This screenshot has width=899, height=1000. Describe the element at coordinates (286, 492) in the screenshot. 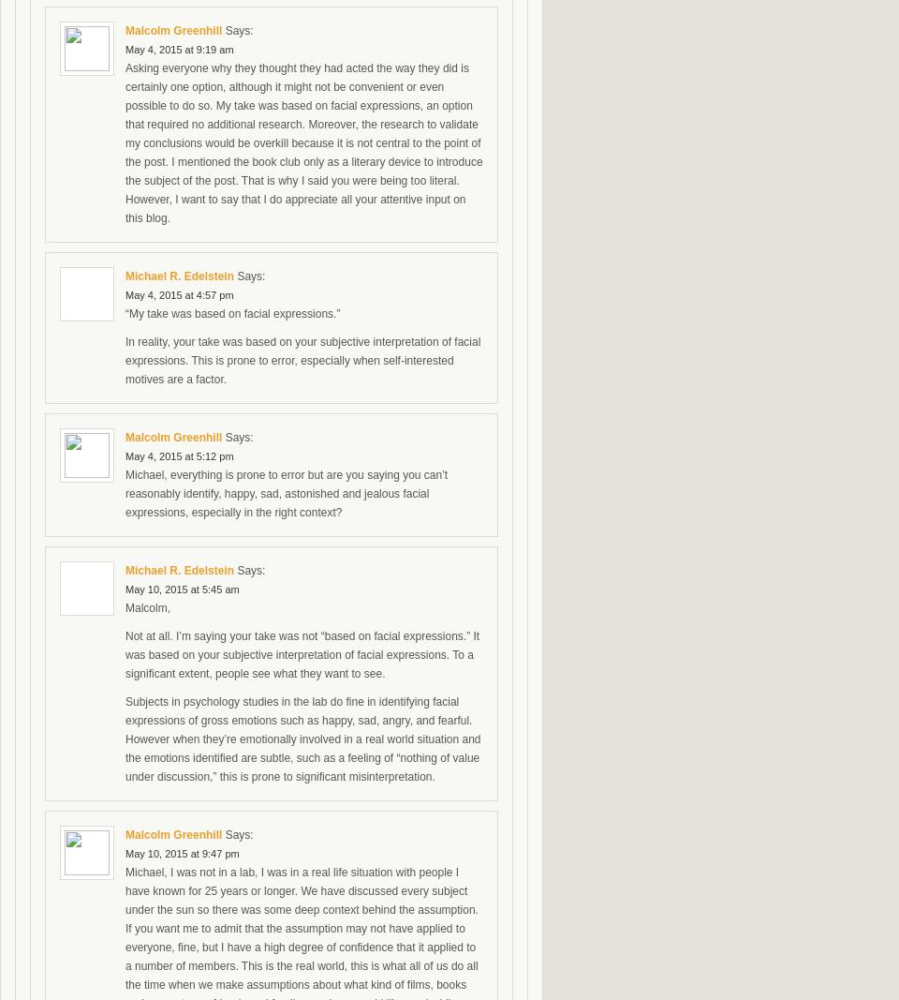

I see `'Michael, everything is prone to error but are you saying you can’t reasonably identify, happy, sad, astonished and jealous facial expressions, especially in the right context?'` at that location.